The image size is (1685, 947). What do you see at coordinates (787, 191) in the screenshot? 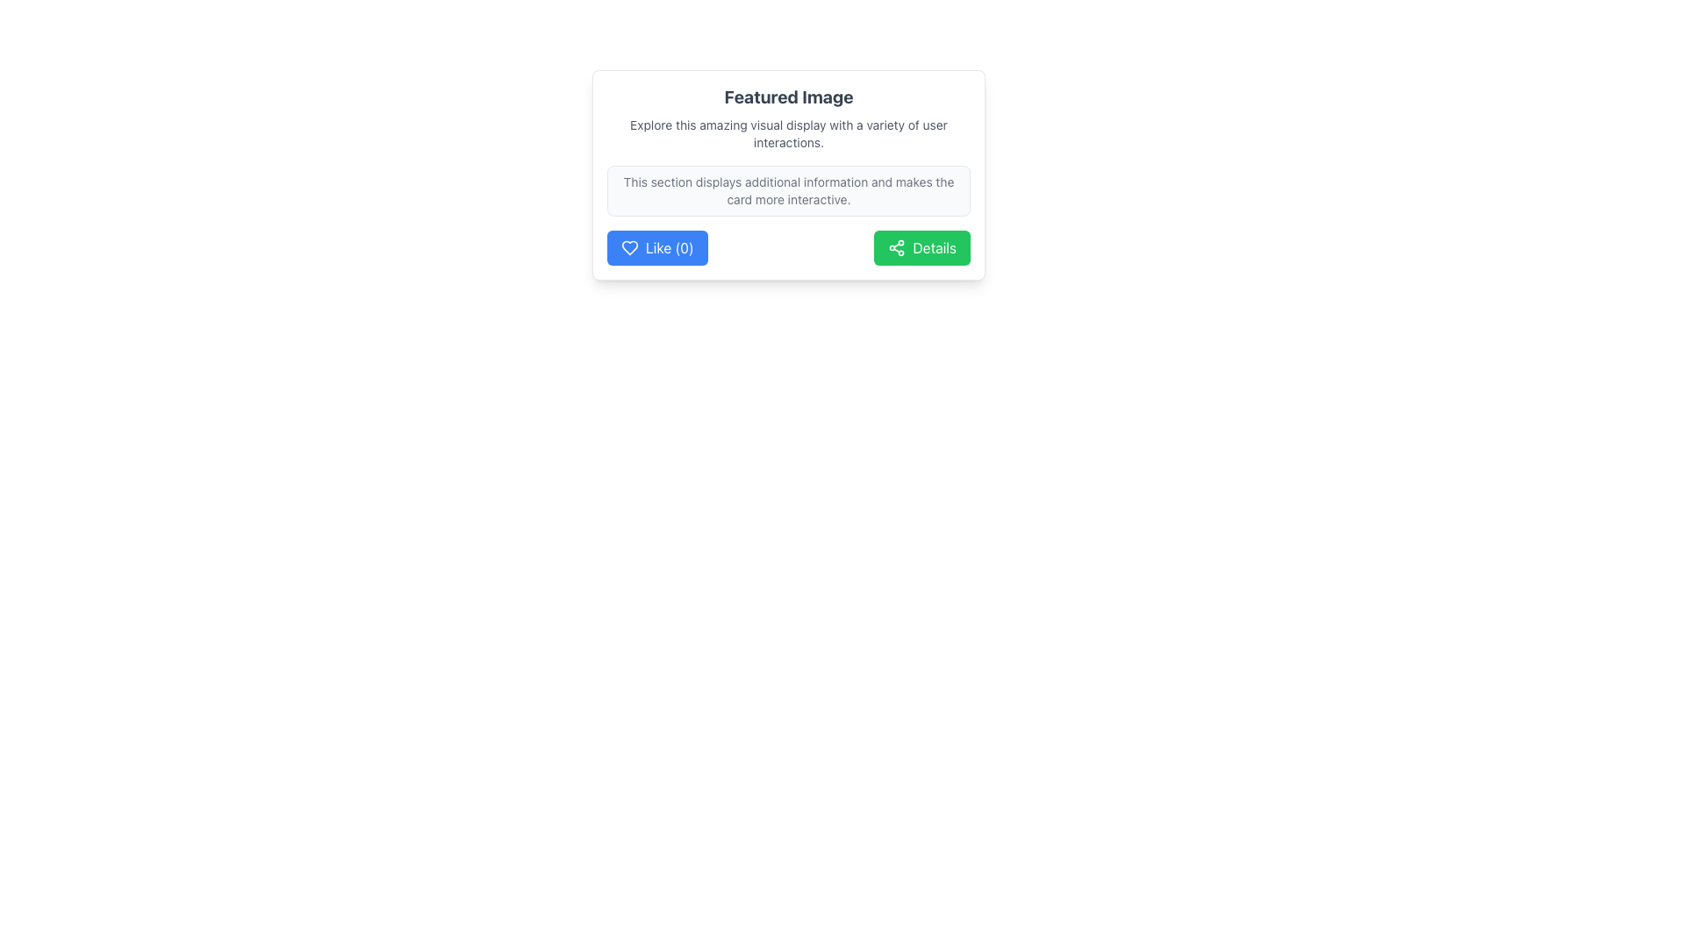
I see `the Informative text section, which is a rectangular area styled with a light gray background, slightly rounded corners, and a thin border, containing smaller grayish text, positioned above the 'Like (0)' and 'Details' buttons` at bounding box center [787, 191].